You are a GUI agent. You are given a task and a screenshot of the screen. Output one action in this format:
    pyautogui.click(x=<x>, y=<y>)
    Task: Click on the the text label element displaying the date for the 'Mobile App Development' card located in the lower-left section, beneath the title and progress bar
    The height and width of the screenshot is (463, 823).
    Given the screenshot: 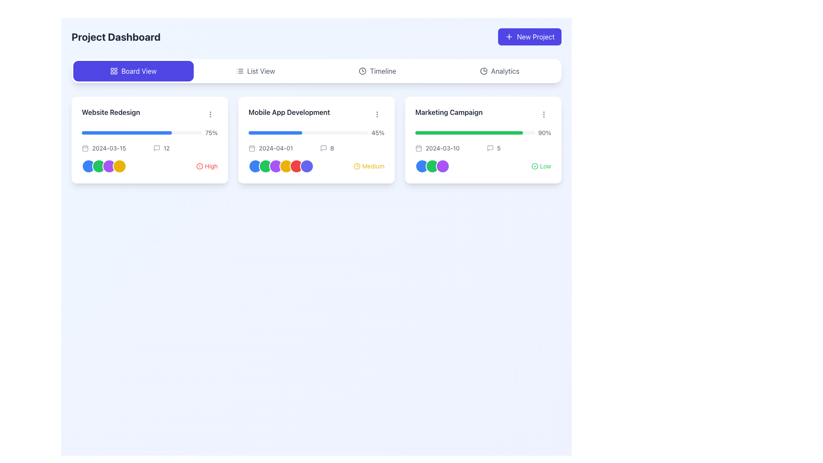 What is the action you would take?
    pyautogui.click(x=281, y=148)
    